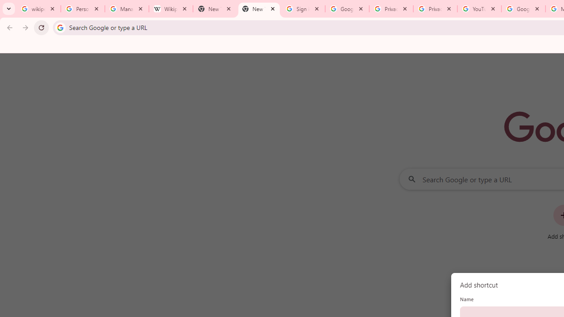 The image size is (564, 317). I want to click on 'Sign in - Google Accounts', so click(303, 9).